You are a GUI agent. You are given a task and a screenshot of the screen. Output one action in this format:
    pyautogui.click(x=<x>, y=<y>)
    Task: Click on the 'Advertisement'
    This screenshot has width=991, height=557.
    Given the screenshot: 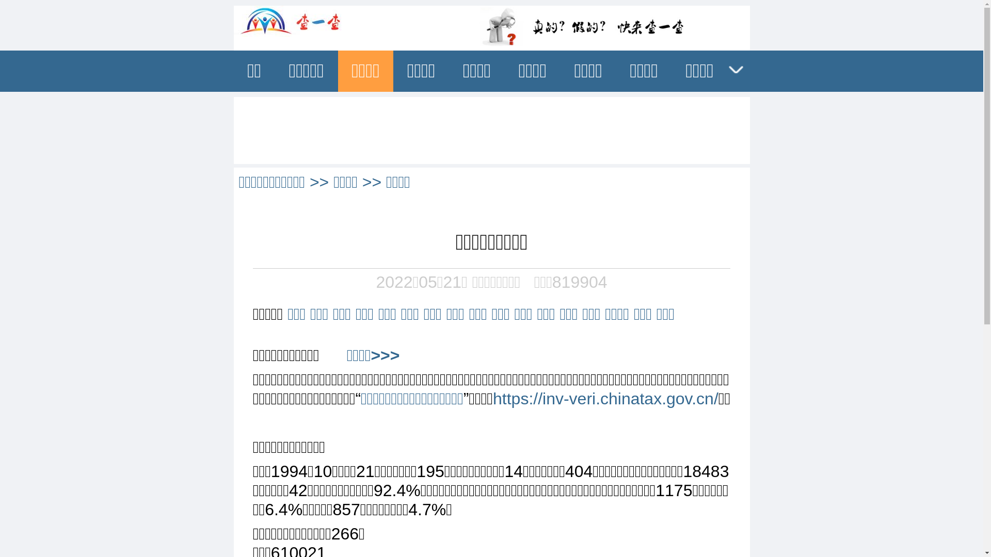 What is the action you would take?
    pyautogui.click(x=408, y=128)
    